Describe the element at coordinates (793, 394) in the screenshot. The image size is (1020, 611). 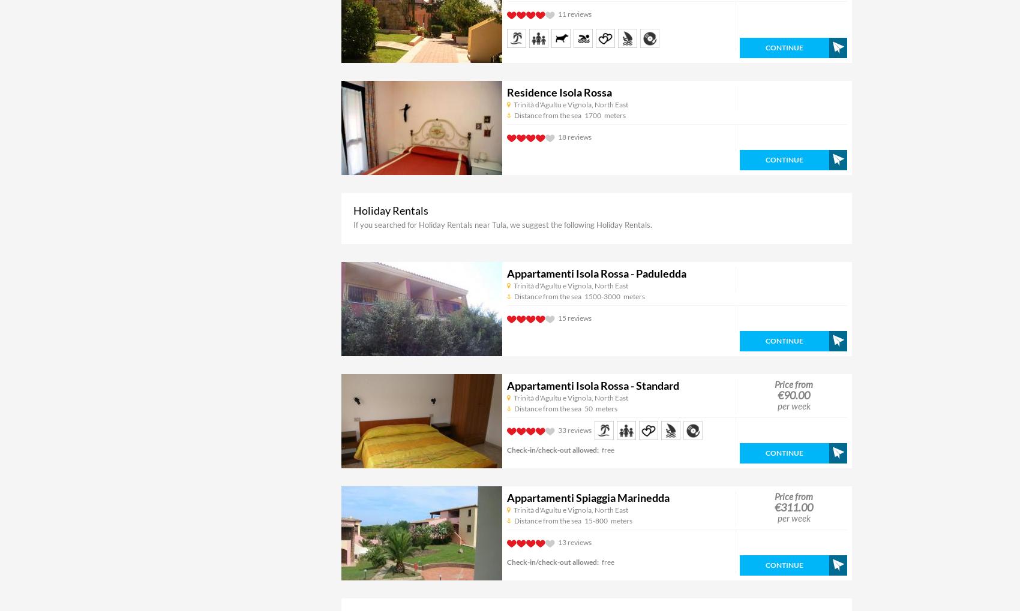
I see `'€90.00'` at that location.